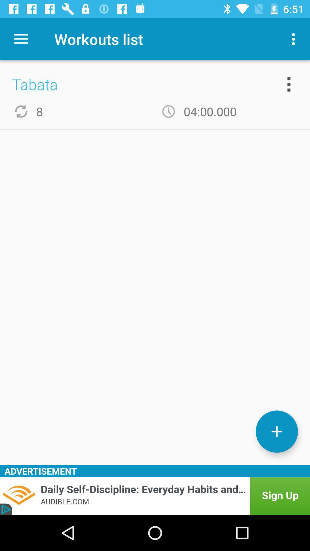 Image resolution: width=310 pixels, height=551 pixels. Describe the element at coordinates (276, 431) in the screenshot. I see `button` at that location.